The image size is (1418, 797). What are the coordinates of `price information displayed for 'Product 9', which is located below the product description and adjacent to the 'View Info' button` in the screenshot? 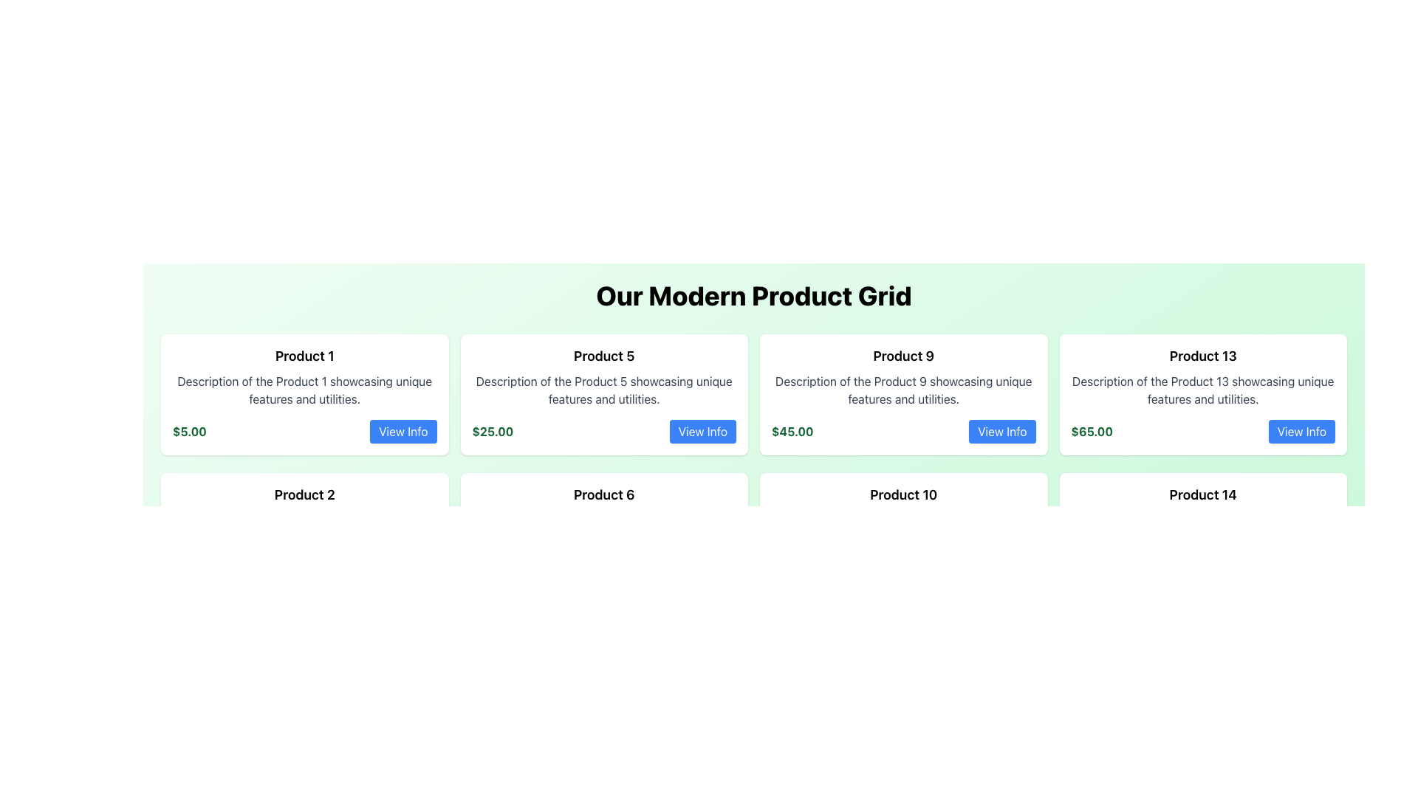 It's located at (792, 432).